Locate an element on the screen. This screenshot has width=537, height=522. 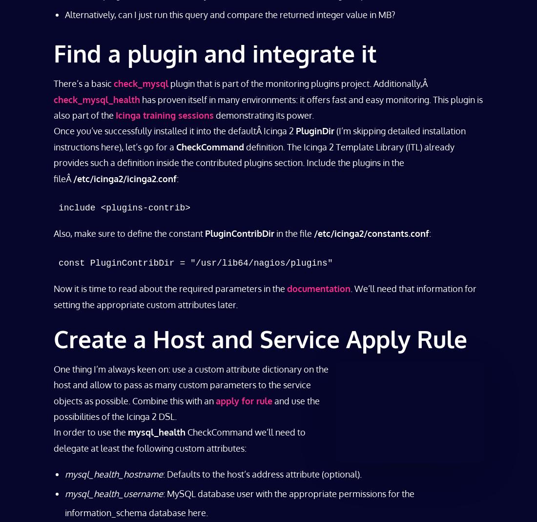
'(I’m skipping detailed installation instructions here), let’s go for a' is located at coordinates (259, 138).